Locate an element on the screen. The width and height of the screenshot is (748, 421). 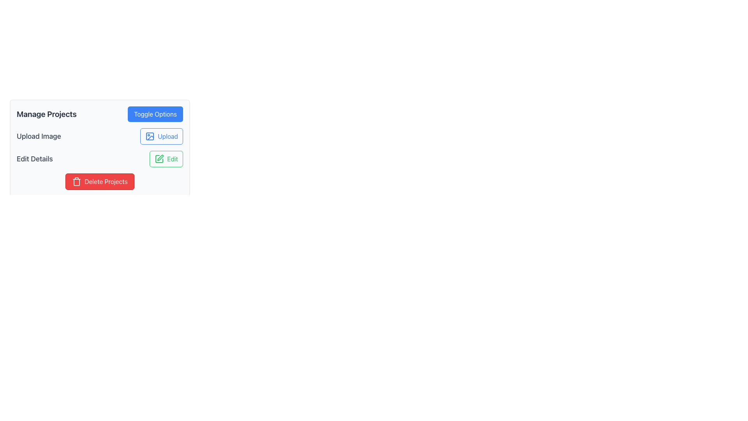
the rectangular button labeled 'Toggle Options' with a blue background and white text is located at coordinates (155, 114).